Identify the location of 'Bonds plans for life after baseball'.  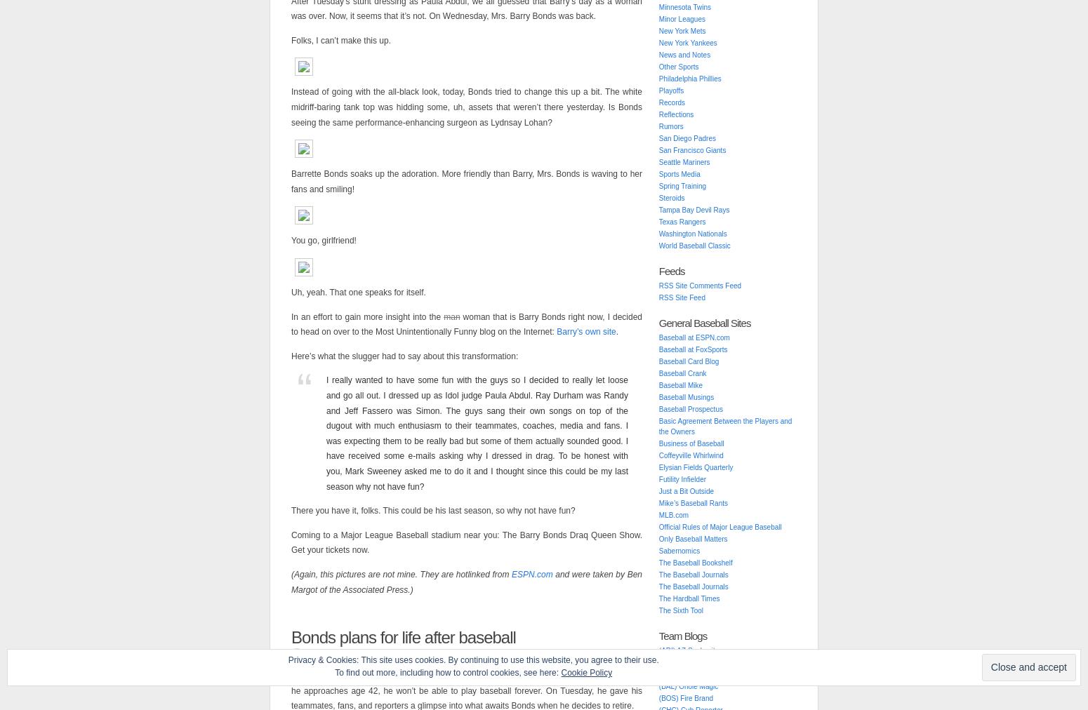
(403, 637).